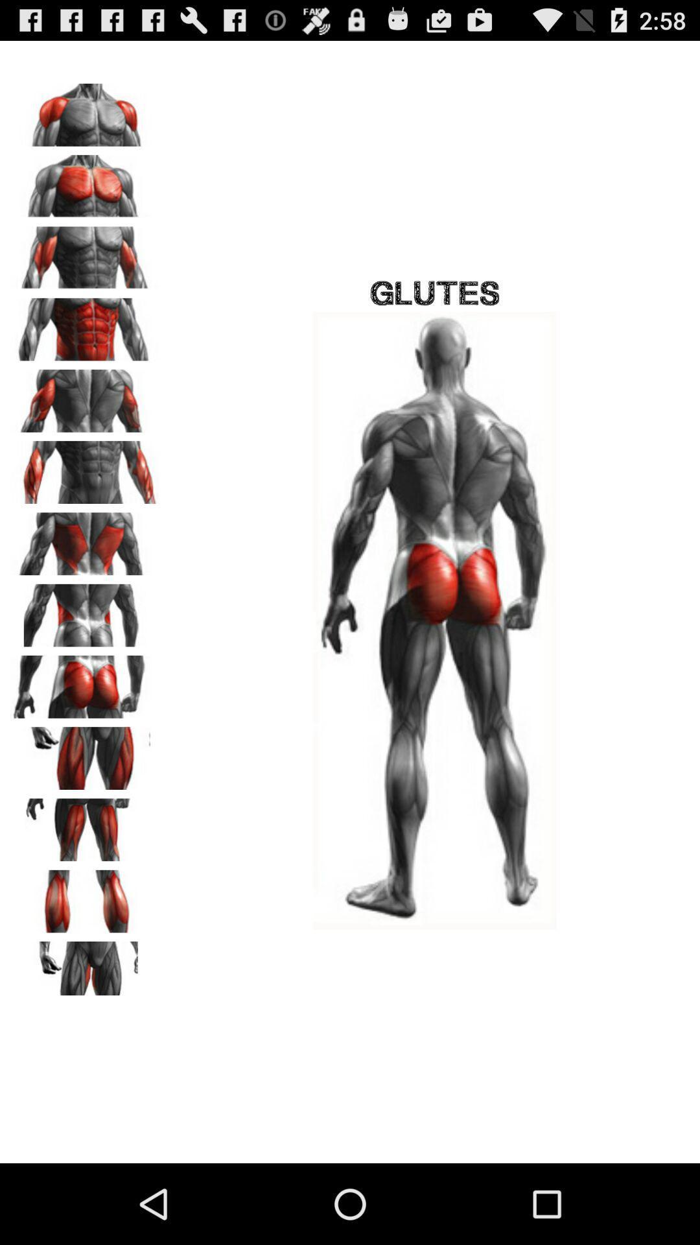 The height and width of the screenshot is (1245, 700). I want to click on open the second image, so click(85, 181).